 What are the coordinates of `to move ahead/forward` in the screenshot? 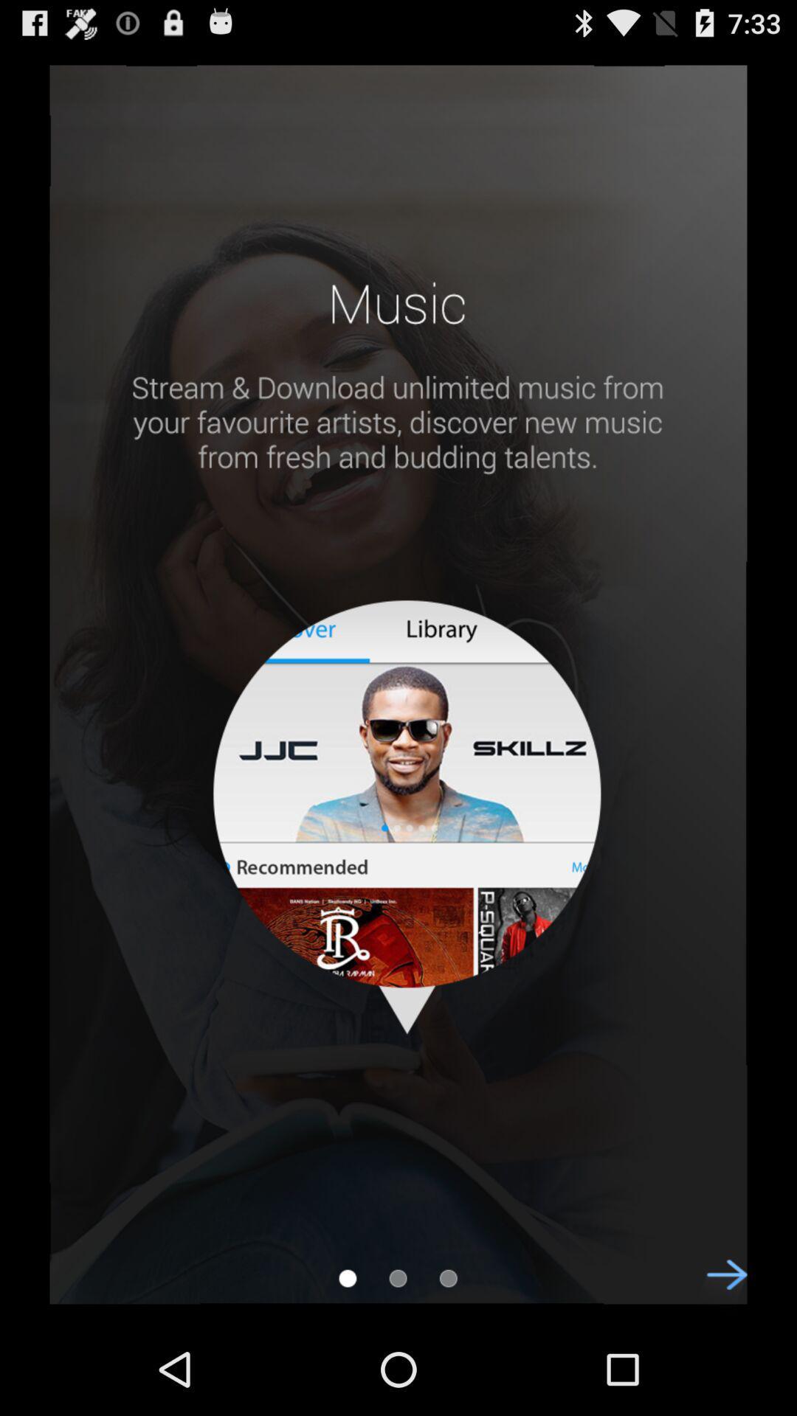 It's located at (718, 1287).